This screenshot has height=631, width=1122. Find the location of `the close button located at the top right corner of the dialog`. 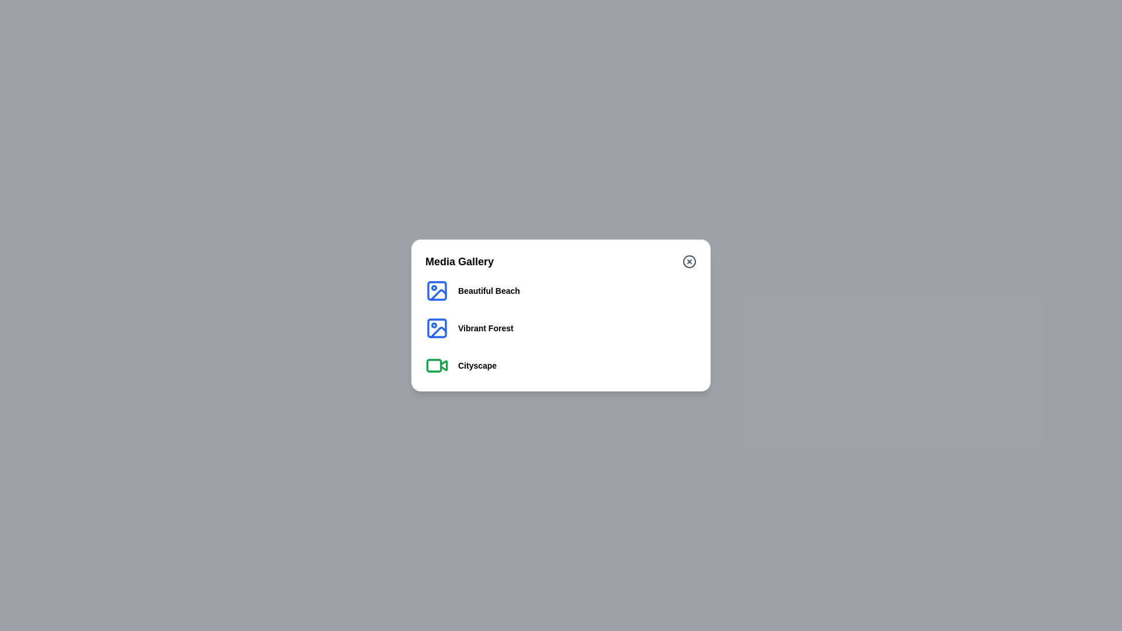

the close button located at the top right corner of the dialog is located at coordinates (690, 261).